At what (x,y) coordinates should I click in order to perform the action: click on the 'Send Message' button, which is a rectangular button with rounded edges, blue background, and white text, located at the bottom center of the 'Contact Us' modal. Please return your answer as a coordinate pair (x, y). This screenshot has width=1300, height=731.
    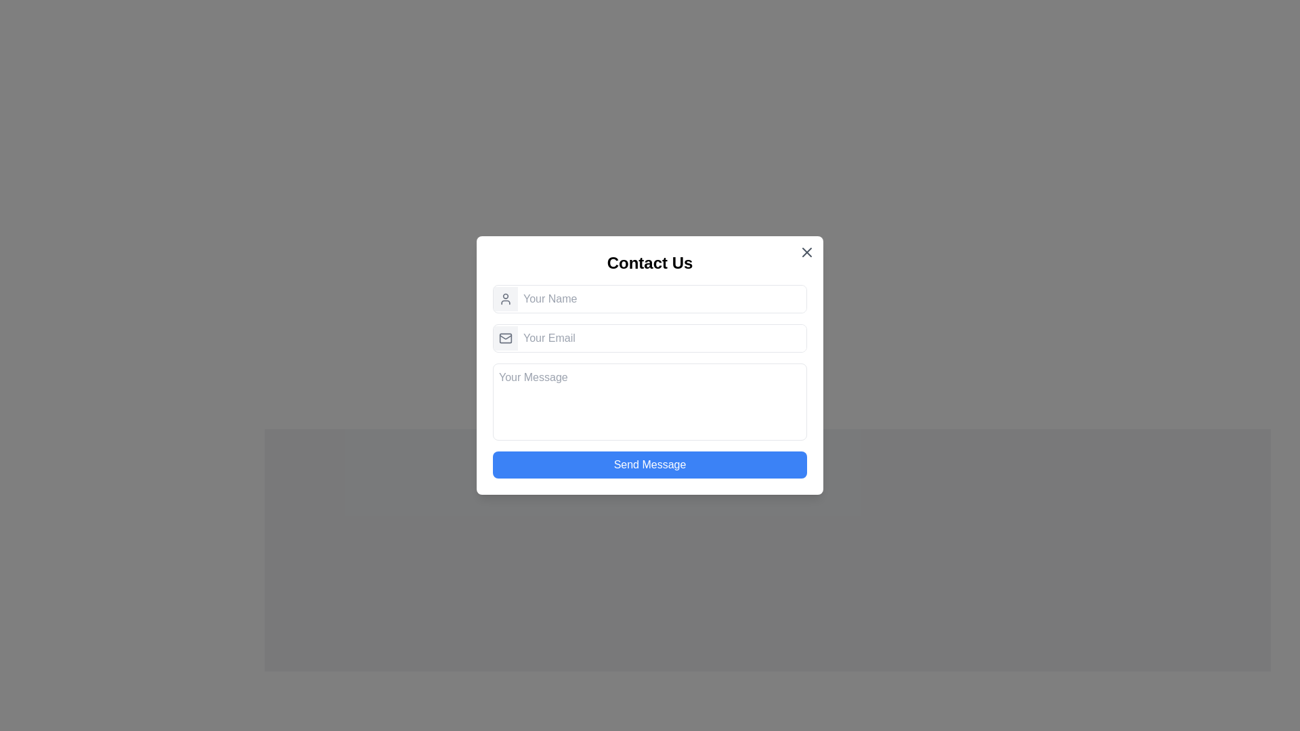
    Looking at the image, I should click on (650, 464).